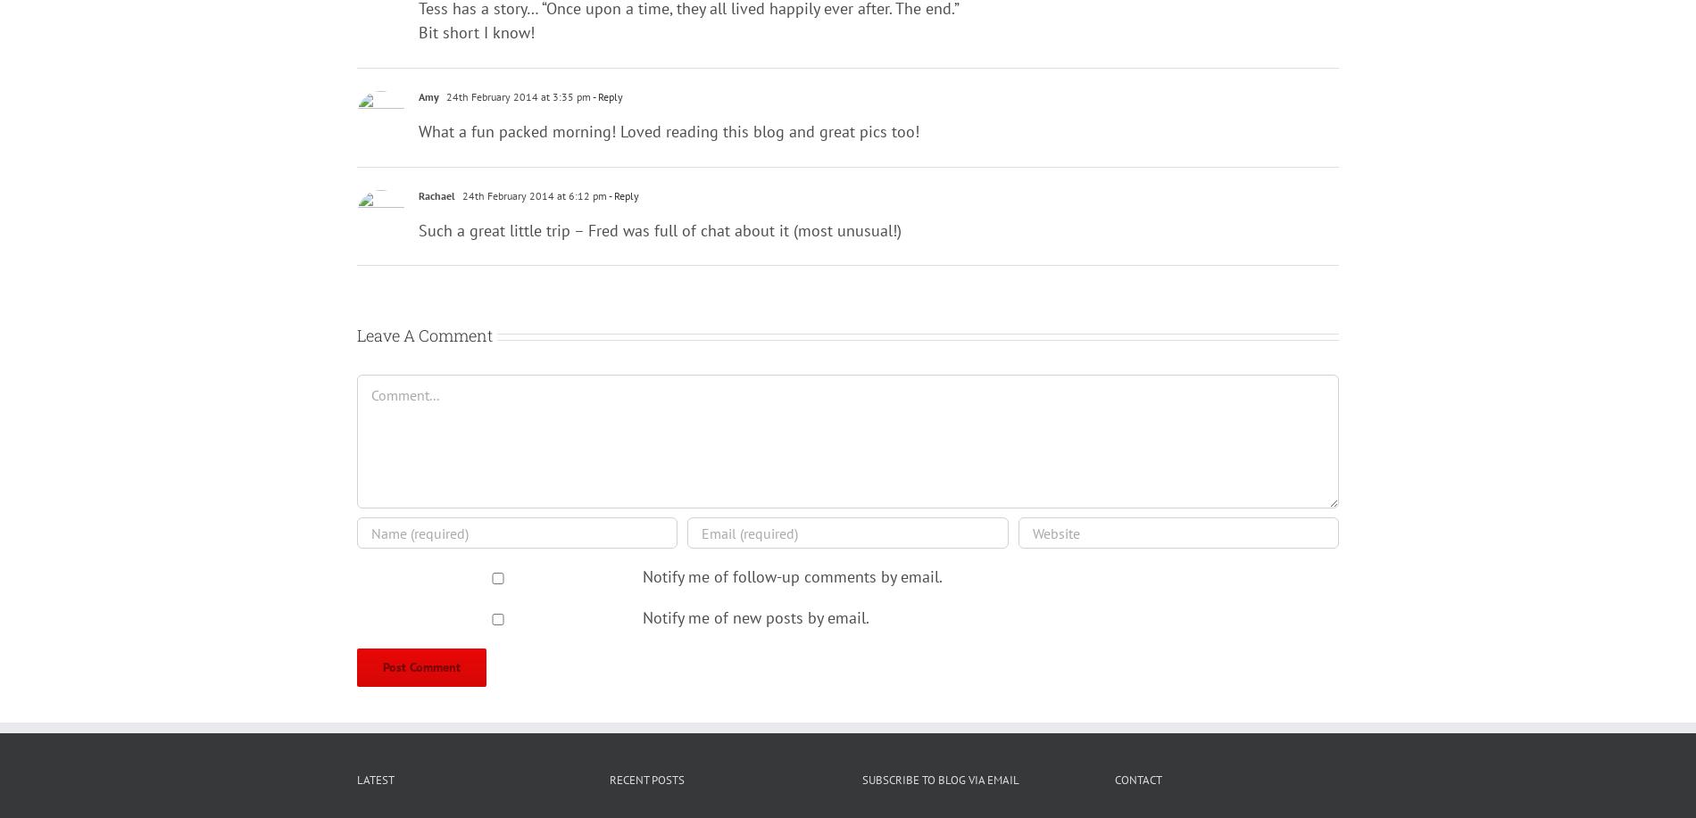  What do you see at coordinates (610, 778) in the screenshot?
I see `'Recent Posts'` at bounding box center [610, 778].